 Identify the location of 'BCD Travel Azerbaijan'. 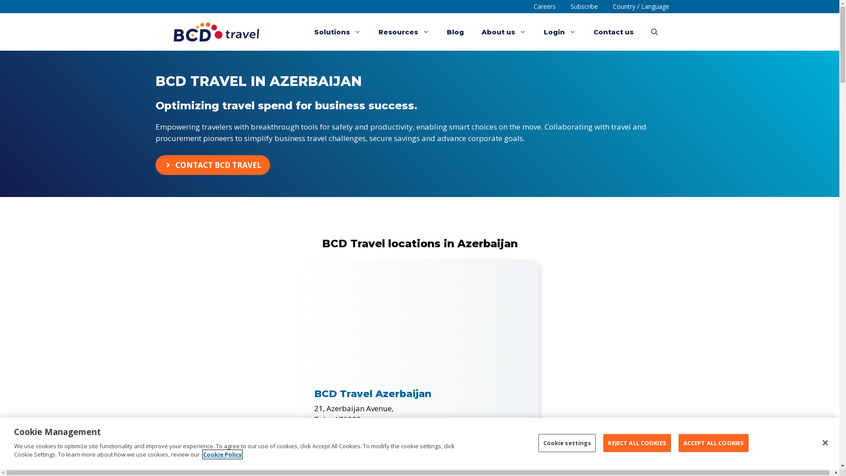
(372, 393).